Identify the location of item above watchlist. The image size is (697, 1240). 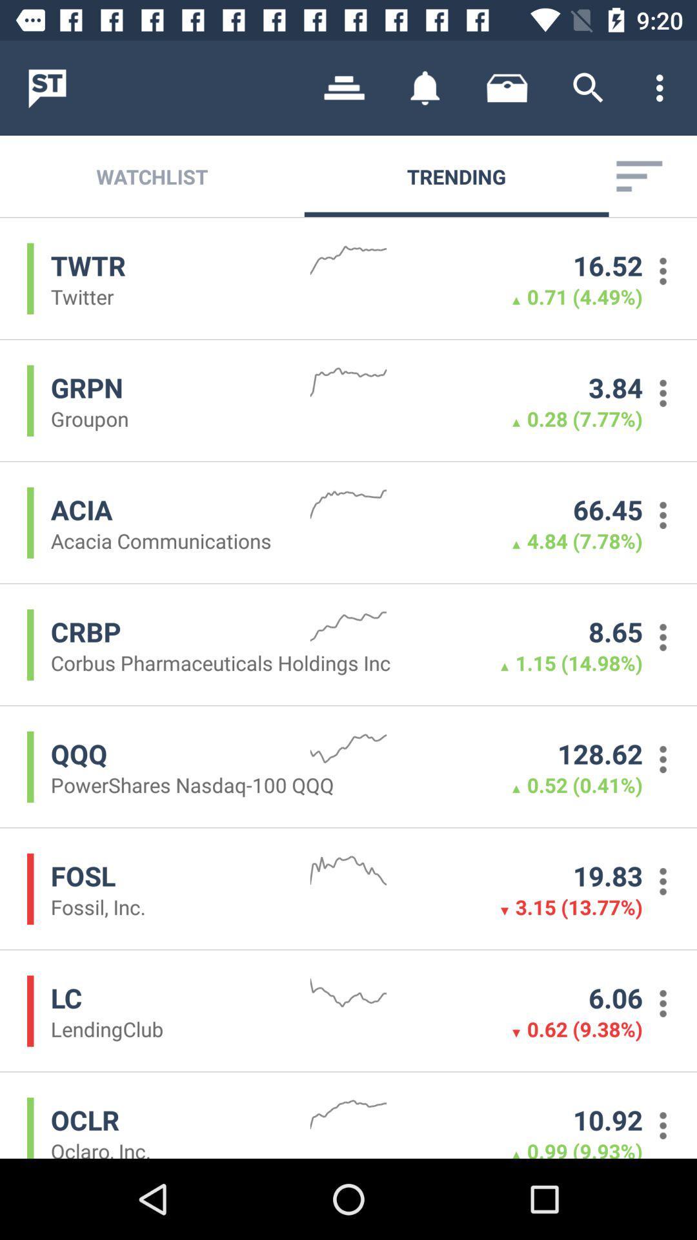
(343, 87).